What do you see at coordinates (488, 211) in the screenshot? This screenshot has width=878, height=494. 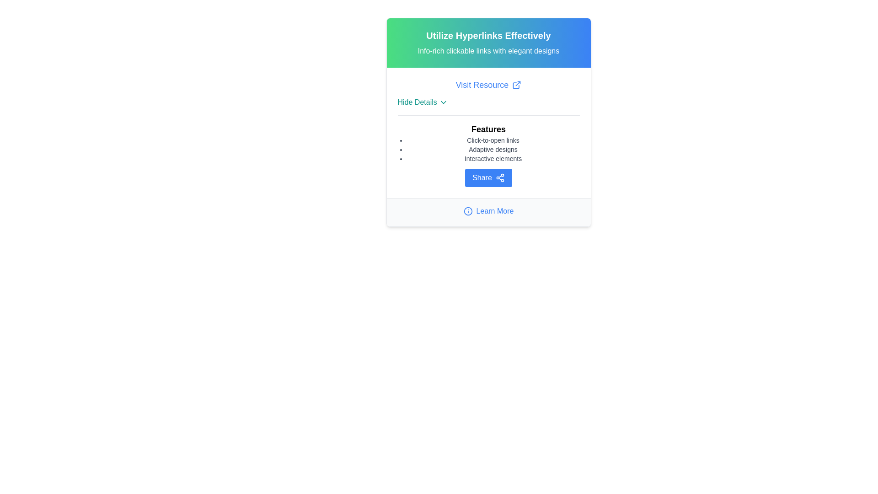 I see `the hyperlink with an inline icon located in the bottom section of the panel` at bounding box center [488, 211].